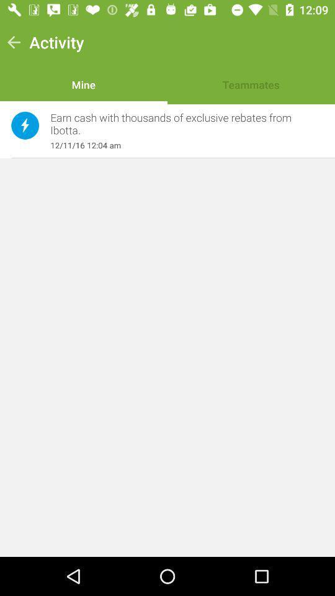 This screenshot has height=596, width=335. Describe the element at coordinates (13, 42) in the screenshot. I see `the item to the left of activity icon` at that location.